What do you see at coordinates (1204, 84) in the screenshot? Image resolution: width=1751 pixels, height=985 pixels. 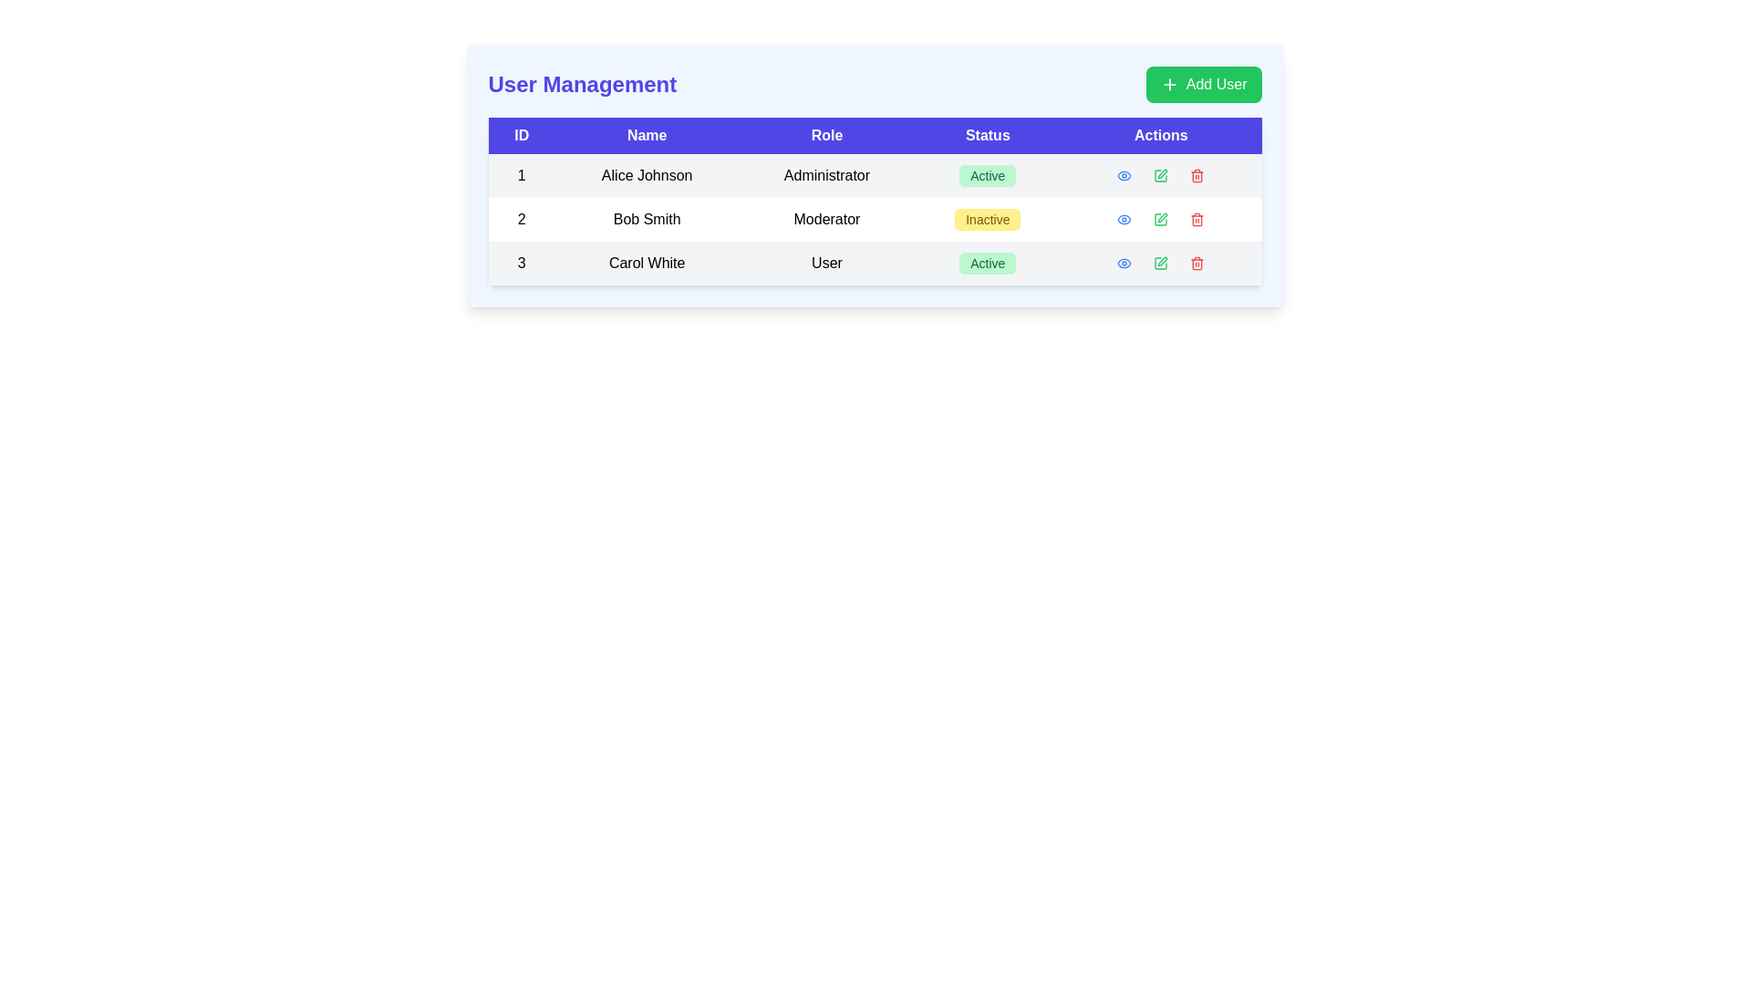 I see `the button located at the top-right corner of the User Management section to initiate user addition` at bounding box center [1204, 84].